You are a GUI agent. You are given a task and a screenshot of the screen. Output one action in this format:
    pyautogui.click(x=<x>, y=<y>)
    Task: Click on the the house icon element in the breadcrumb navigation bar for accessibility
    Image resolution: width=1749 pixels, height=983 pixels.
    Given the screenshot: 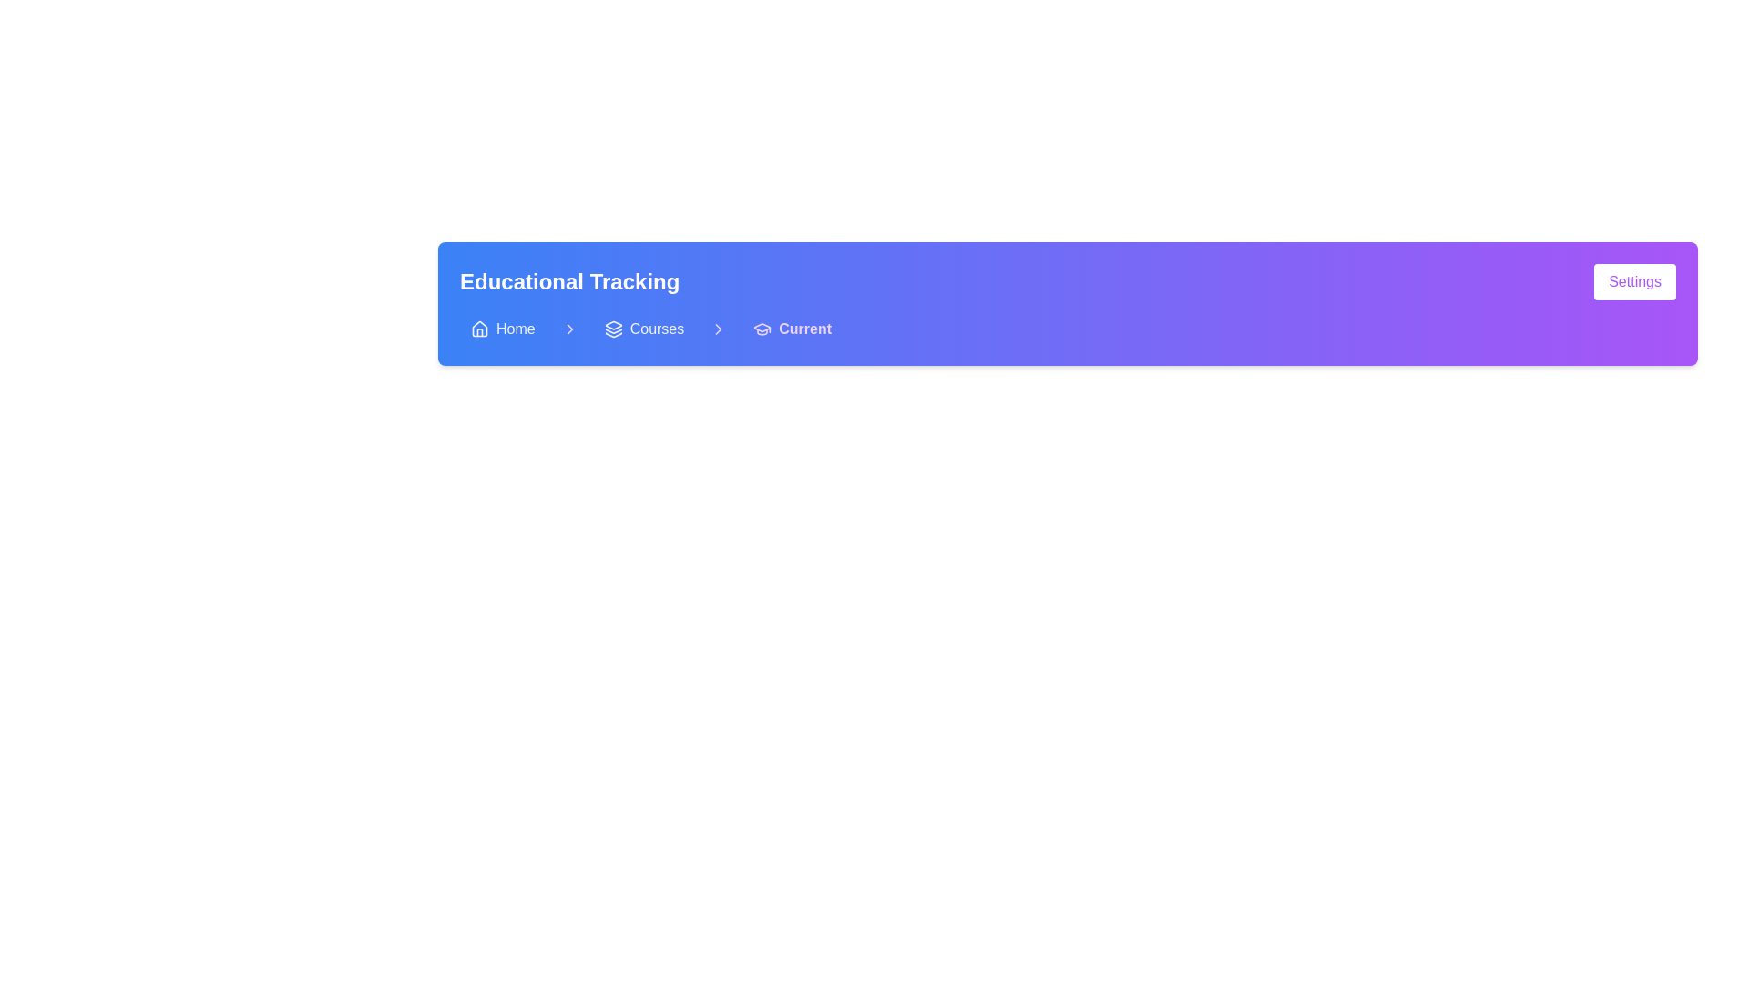 What is the action you would take?
    pyautogui.click(x=480, y=329)
    